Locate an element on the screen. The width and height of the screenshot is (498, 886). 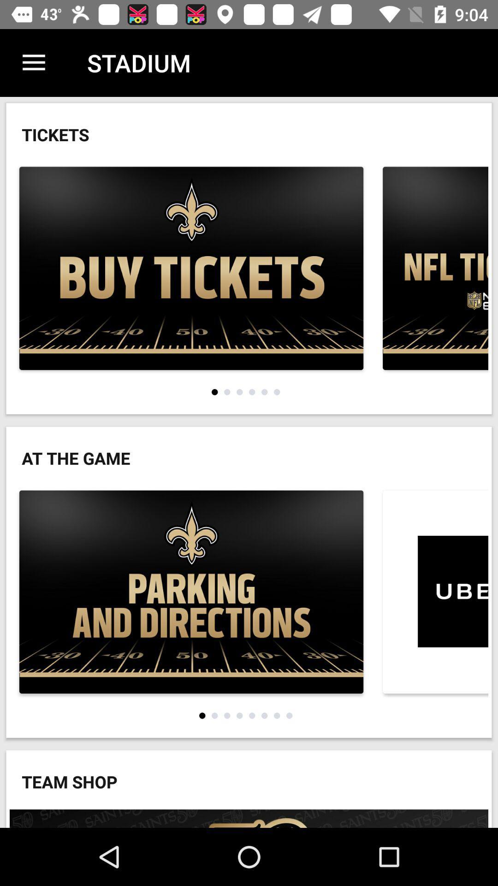
the item to the left of stadium is located at coordinates (33, 62).